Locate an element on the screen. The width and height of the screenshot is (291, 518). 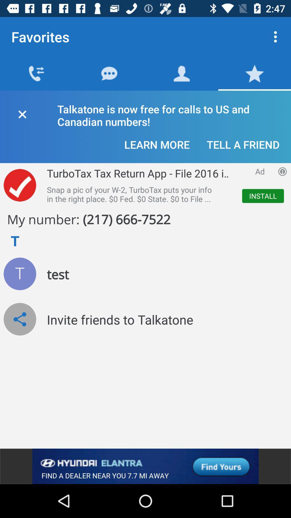
profile picture is located at coordinates (19, 274).